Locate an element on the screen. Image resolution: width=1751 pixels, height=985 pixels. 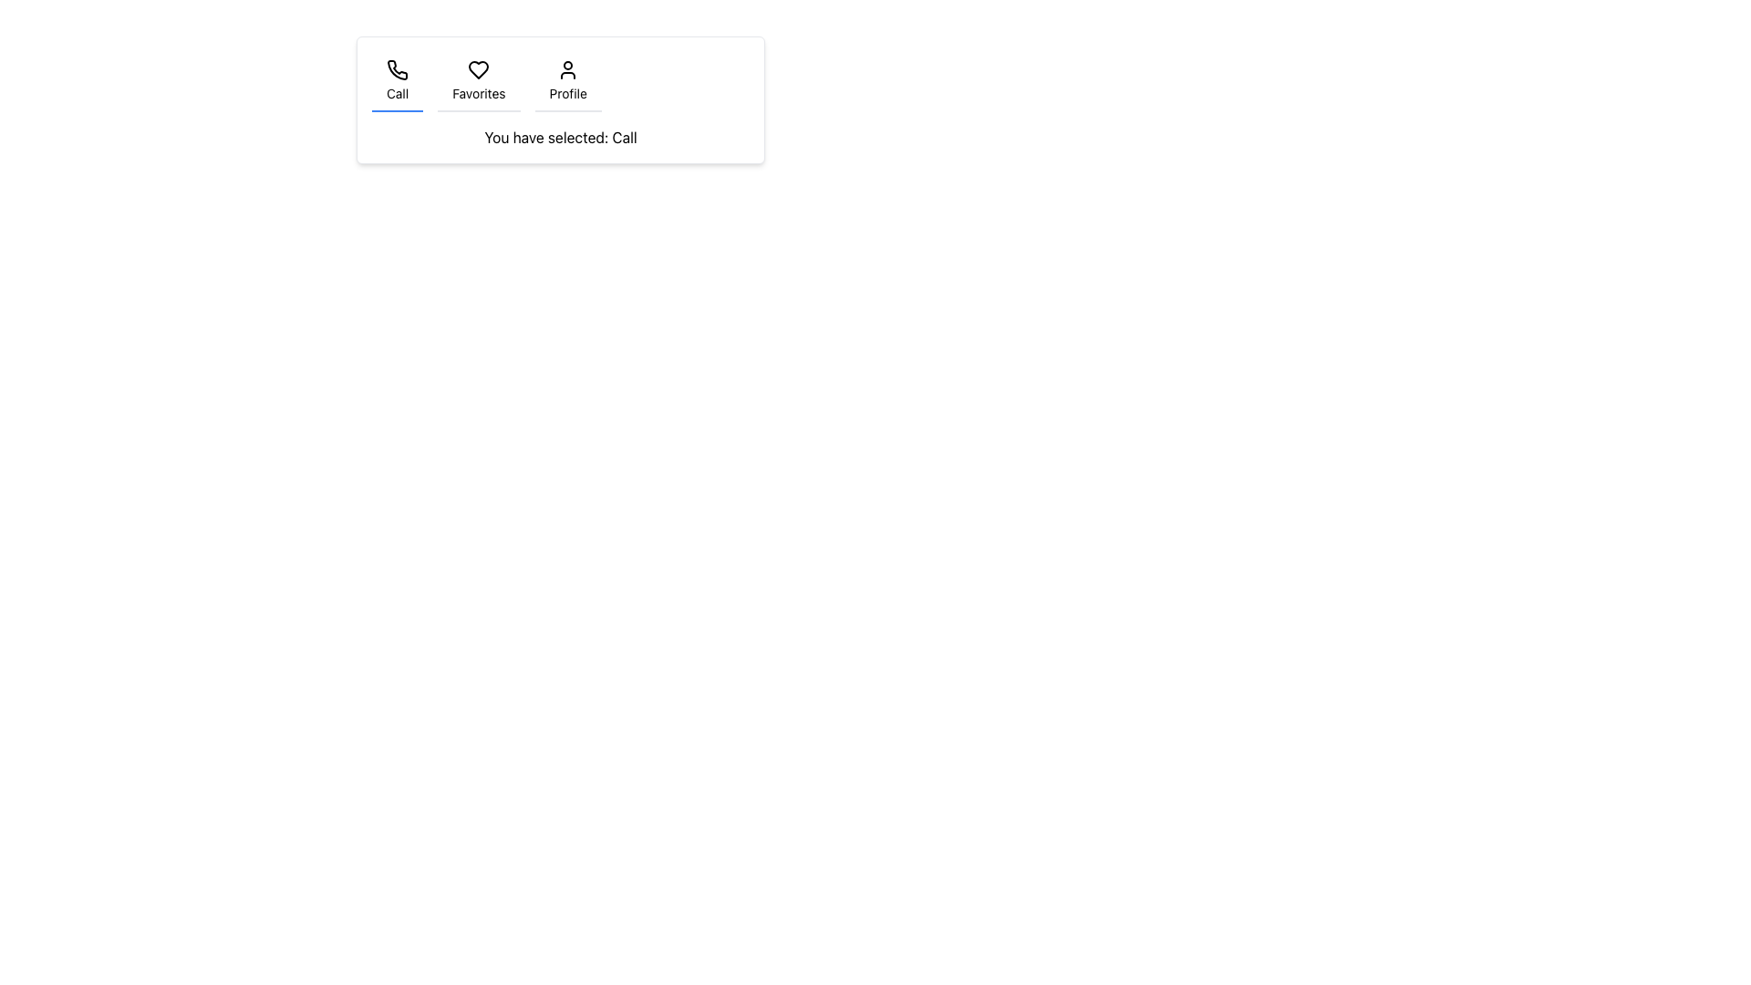
the user's profile icon, which is a circular design with a central smaller circle representing the head and a curve below resembling shoulders, located above the text label 'Profile' in the third column of the navigation bar is located at coordinates (567, 69).